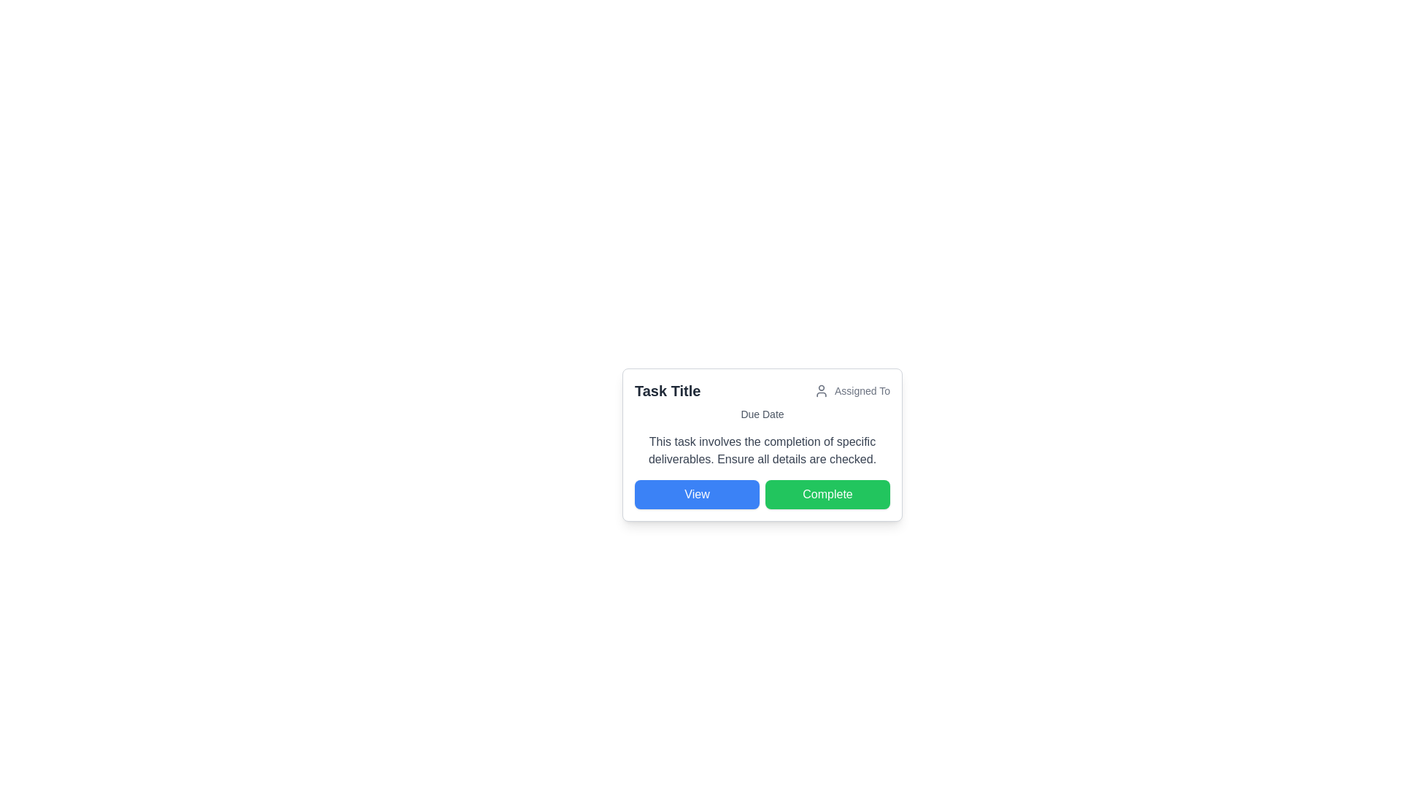 The image size is (1401, 788). I want to click on the textual header element indicating the subject or name of the task, located to the left of the 'Assigned To' text and icon group, so click(667, 390).